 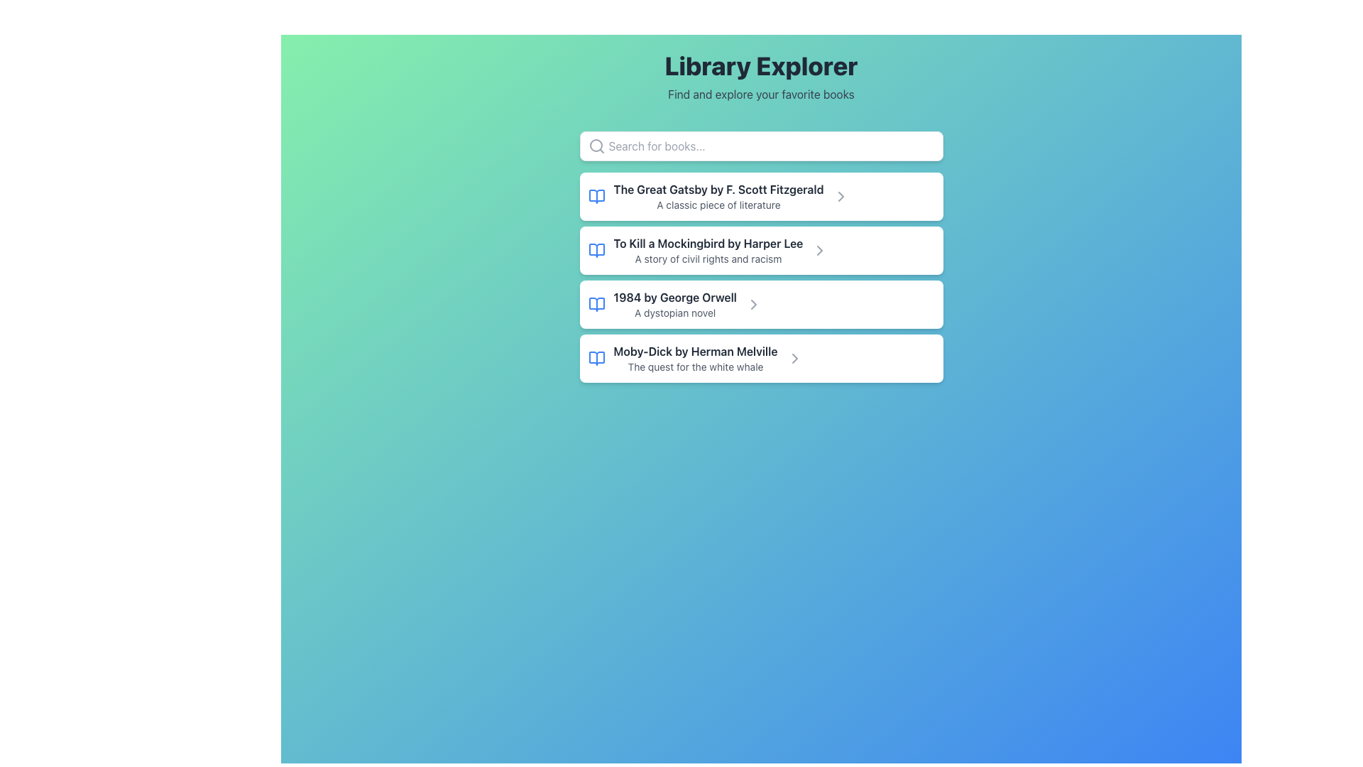 What do you see at coordinates (718, 197) in the screenshot?
I see `the informational summary text block for a book in the library list interface, which is the first item in a vertically stacked list and is centrally positioned within a rectangular tile` at bounding box center [718, 197].